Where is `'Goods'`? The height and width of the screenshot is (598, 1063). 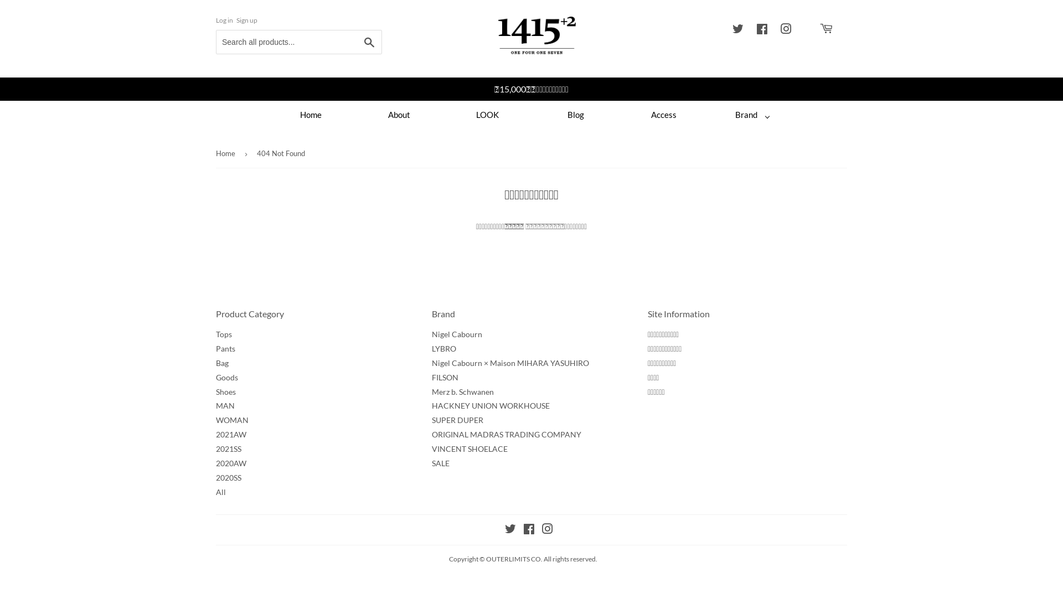 'Goods' is located at coordinates (226, 377).